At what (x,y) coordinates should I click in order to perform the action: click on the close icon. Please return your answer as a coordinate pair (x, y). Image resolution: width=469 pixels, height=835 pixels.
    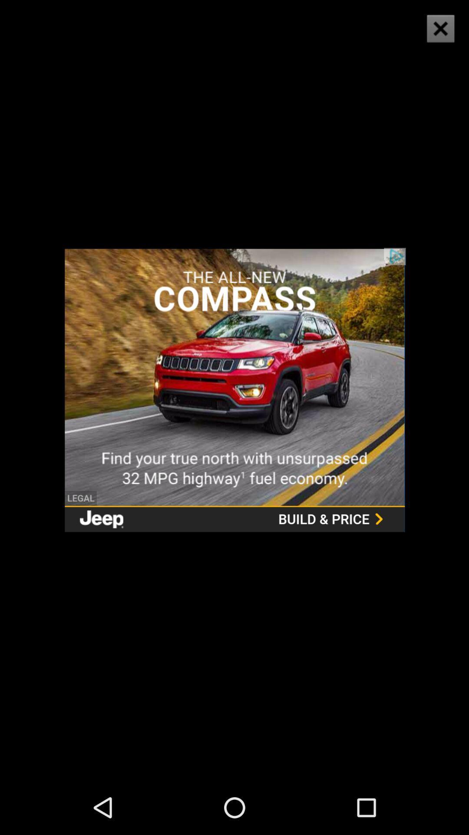
    Looking at the image, I should click on (440, 30).